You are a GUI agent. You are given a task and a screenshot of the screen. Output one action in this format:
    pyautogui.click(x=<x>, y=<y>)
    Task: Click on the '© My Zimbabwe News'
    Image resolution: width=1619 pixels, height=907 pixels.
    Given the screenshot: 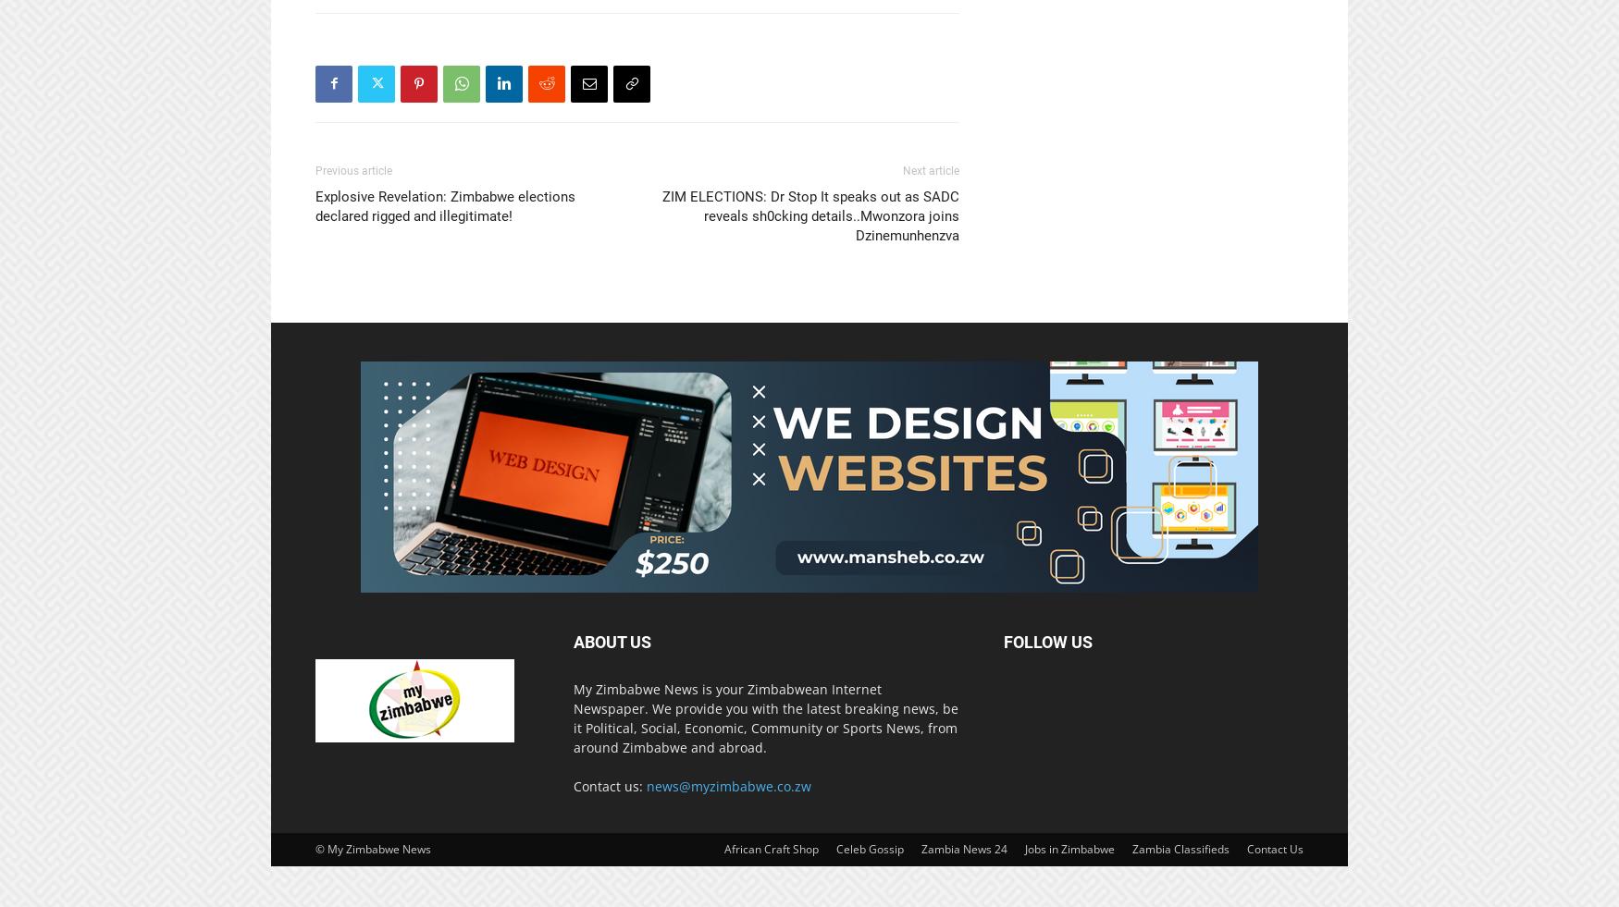 What is the action you would take?
    pyautogui.click(x=372, y=848)
    